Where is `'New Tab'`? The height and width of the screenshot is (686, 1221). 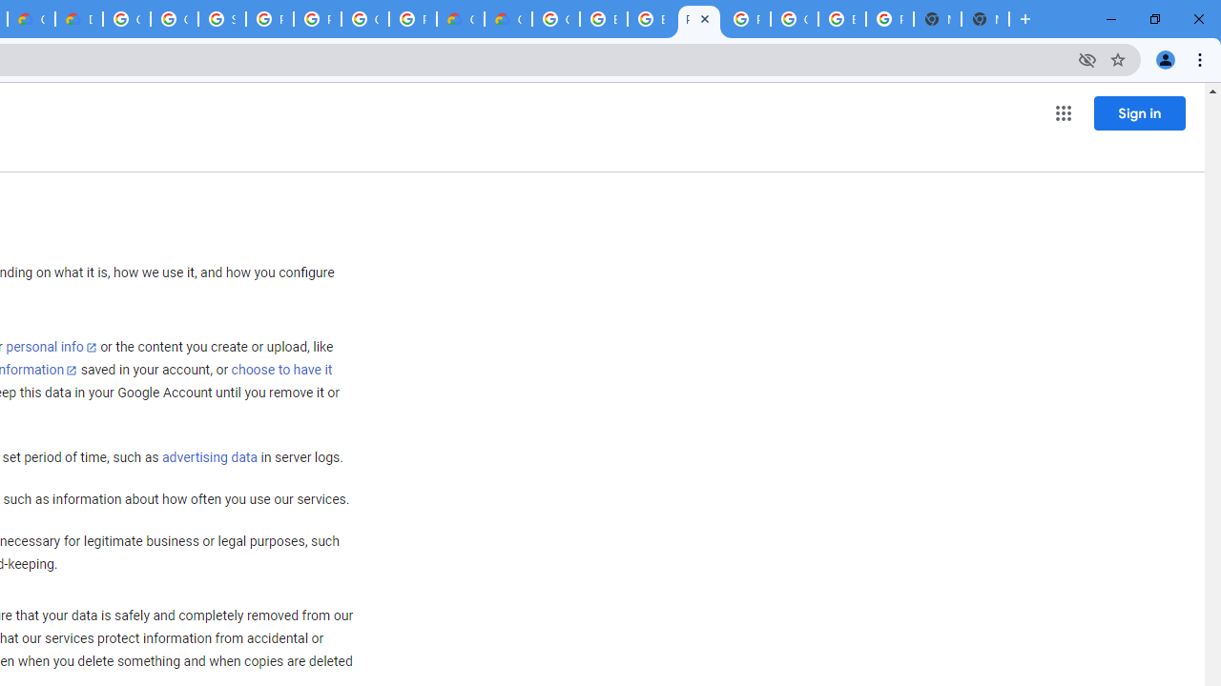 'New Tab' is located at coordinates (984, 19).